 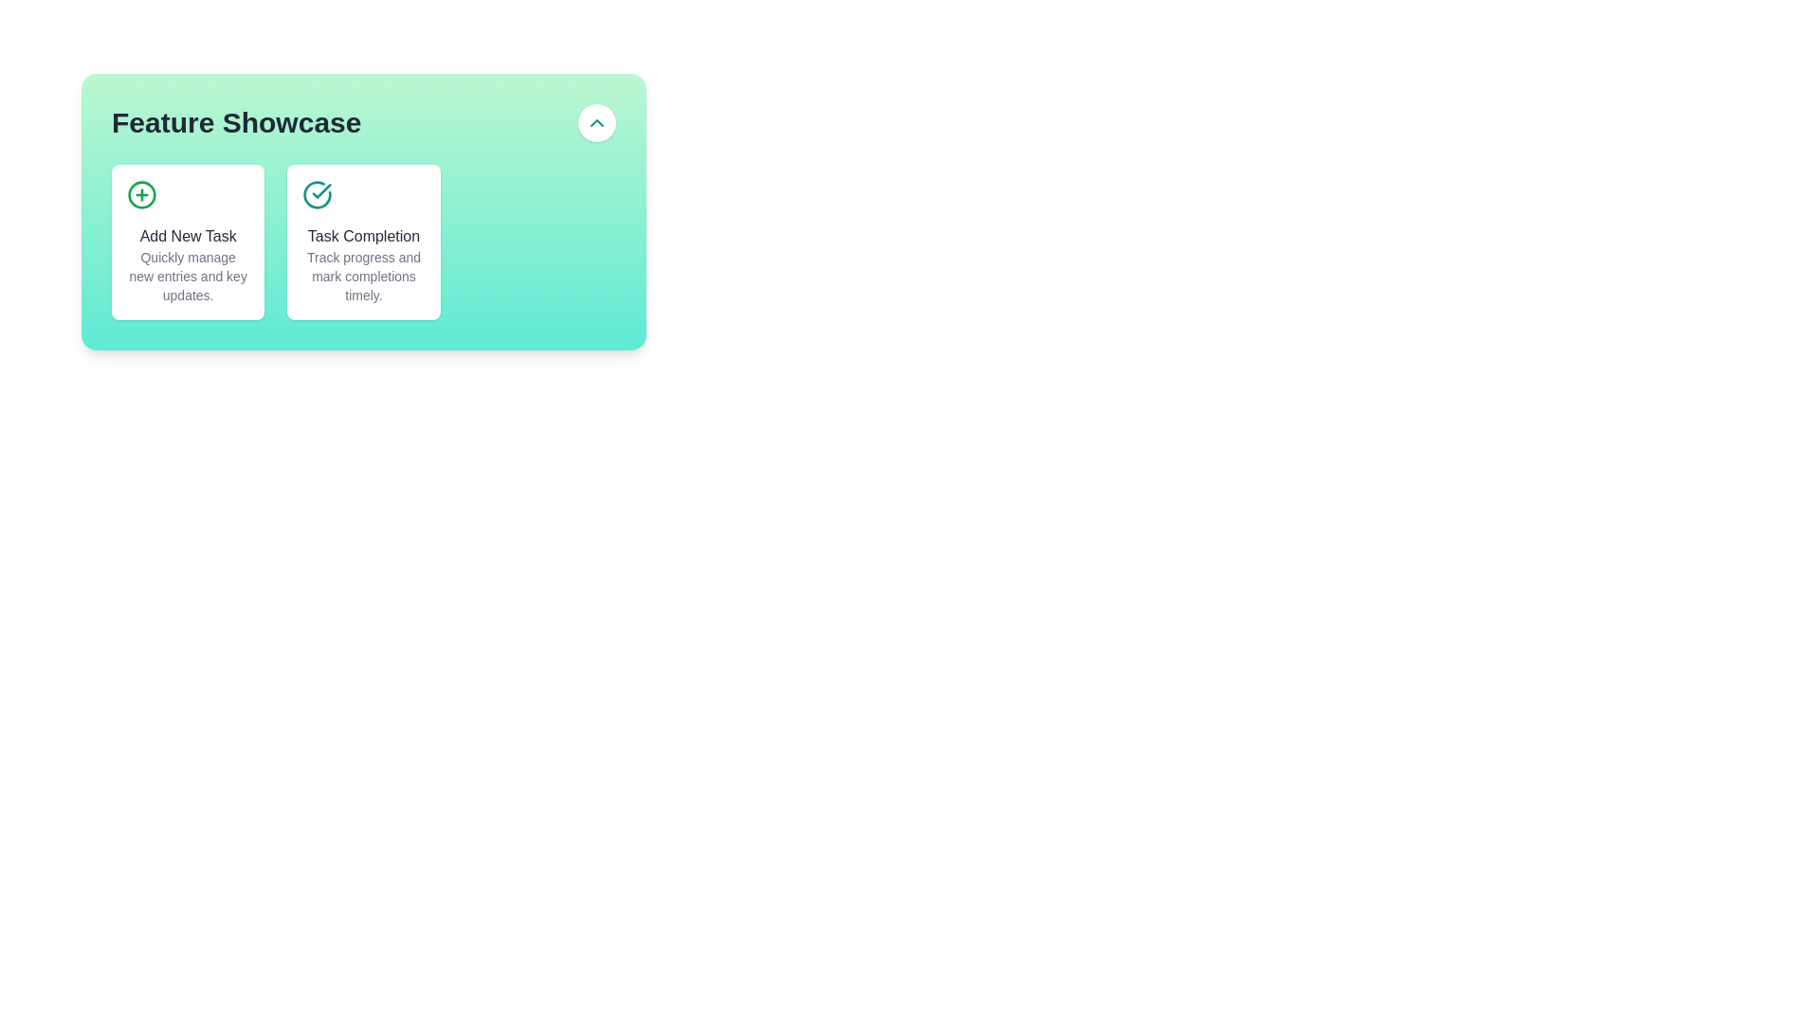 What do you see at coordinates (318, 194) in the screenshot?
I see `the circular icon with a teal outline and a checkmark symbol inside, located at the top center of the 'Task Completion' card` at bounding box center [318, 194].